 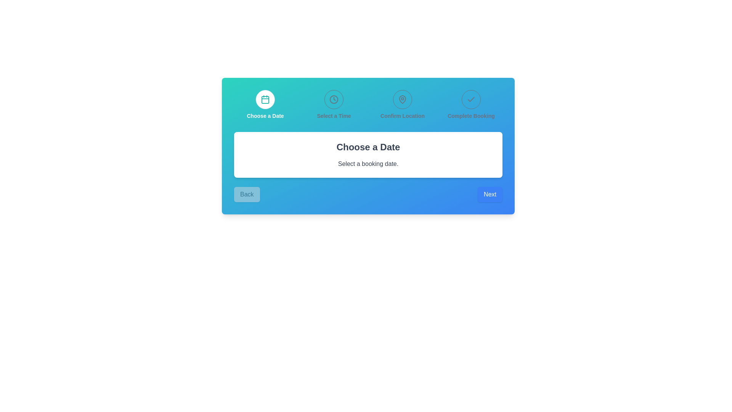 What do you see at coordinates (402, 105) in the screenshot?
I see `the 'Confirm Location' indicator with a location pin icon` at bounding box center [402, 105].